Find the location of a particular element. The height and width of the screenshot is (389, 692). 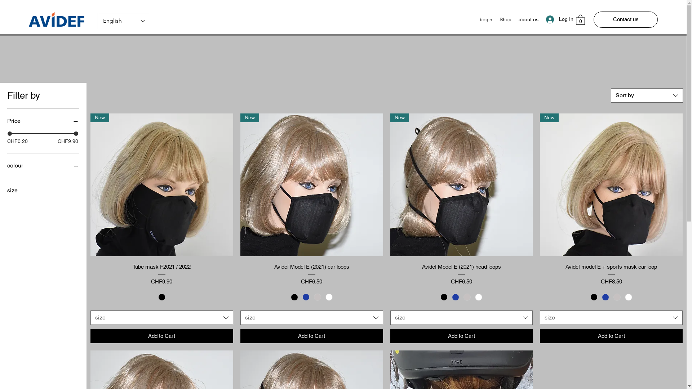

'New' is located at coordinates (161, 184).